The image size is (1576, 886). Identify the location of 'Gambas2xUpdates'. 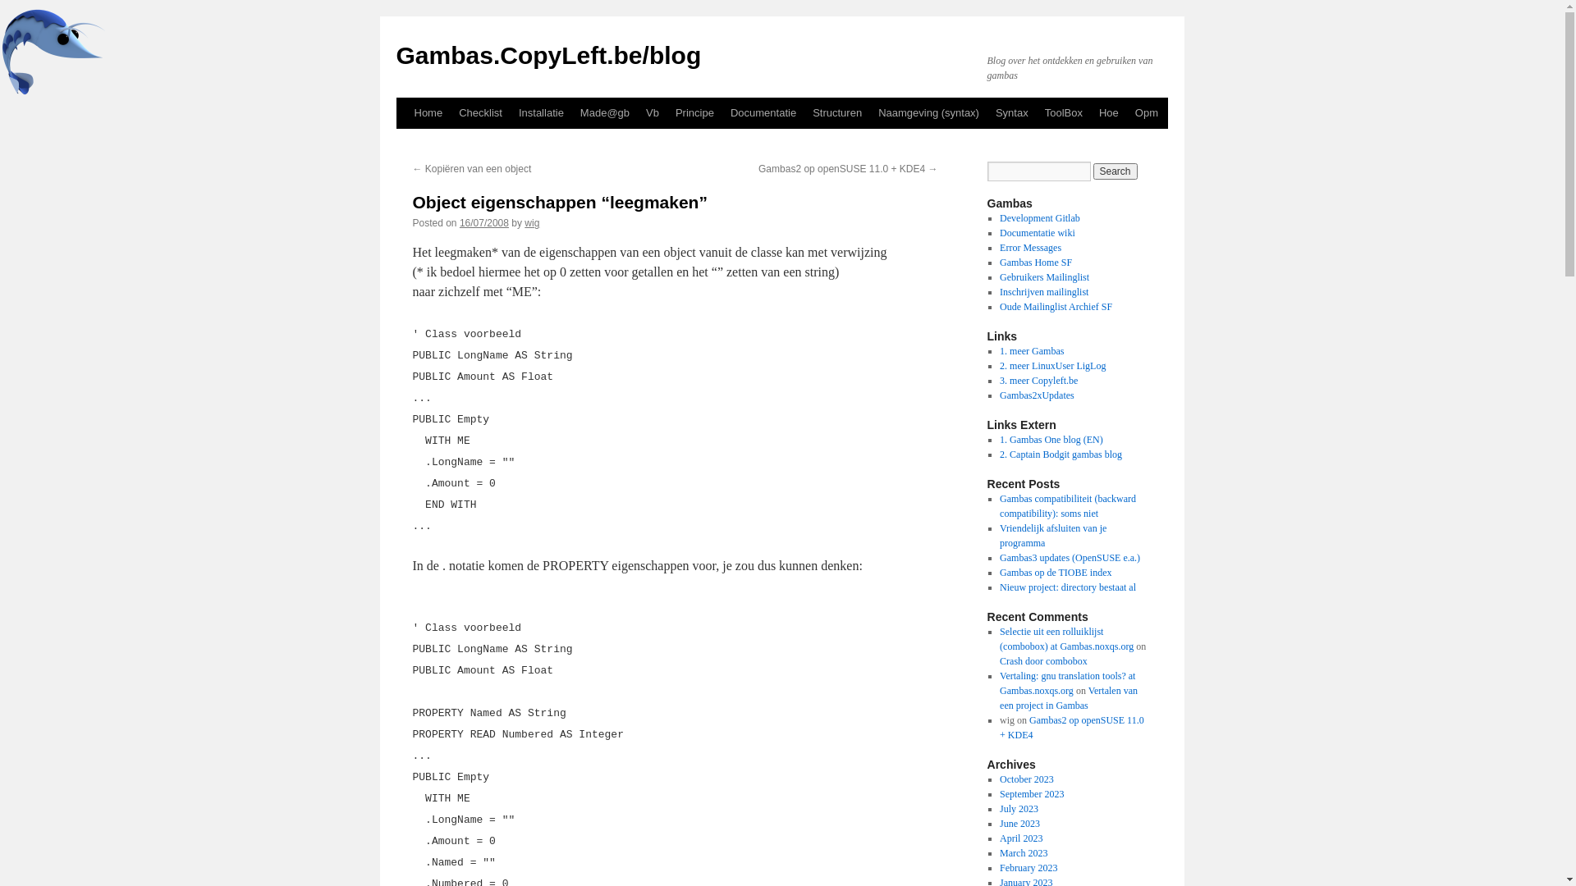
(1036, 395).